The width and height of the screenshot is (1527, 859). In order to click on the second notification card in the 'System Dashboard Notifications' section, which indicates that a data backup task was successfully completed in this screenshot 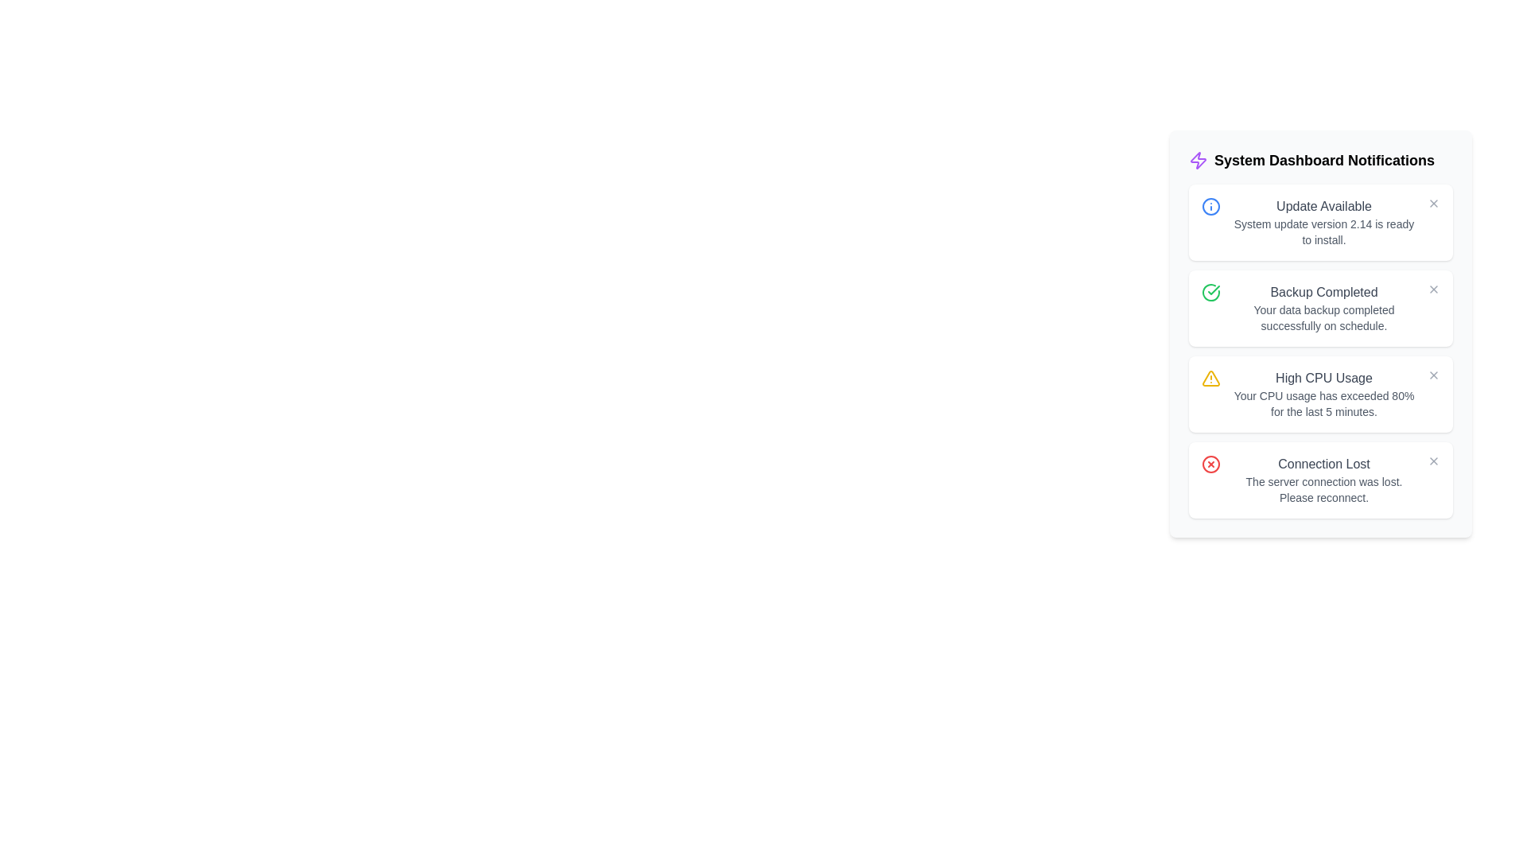, I will do `click(1320, 309)`.